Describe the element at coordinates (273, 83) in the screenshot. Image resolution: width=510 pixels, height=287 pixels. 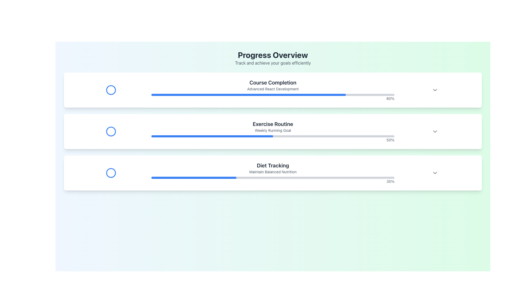
I see `the text label summarizing the course completion progress that is positioned at the upper-center of its section, above the 'Advanced React Development' subtitle` at that location.